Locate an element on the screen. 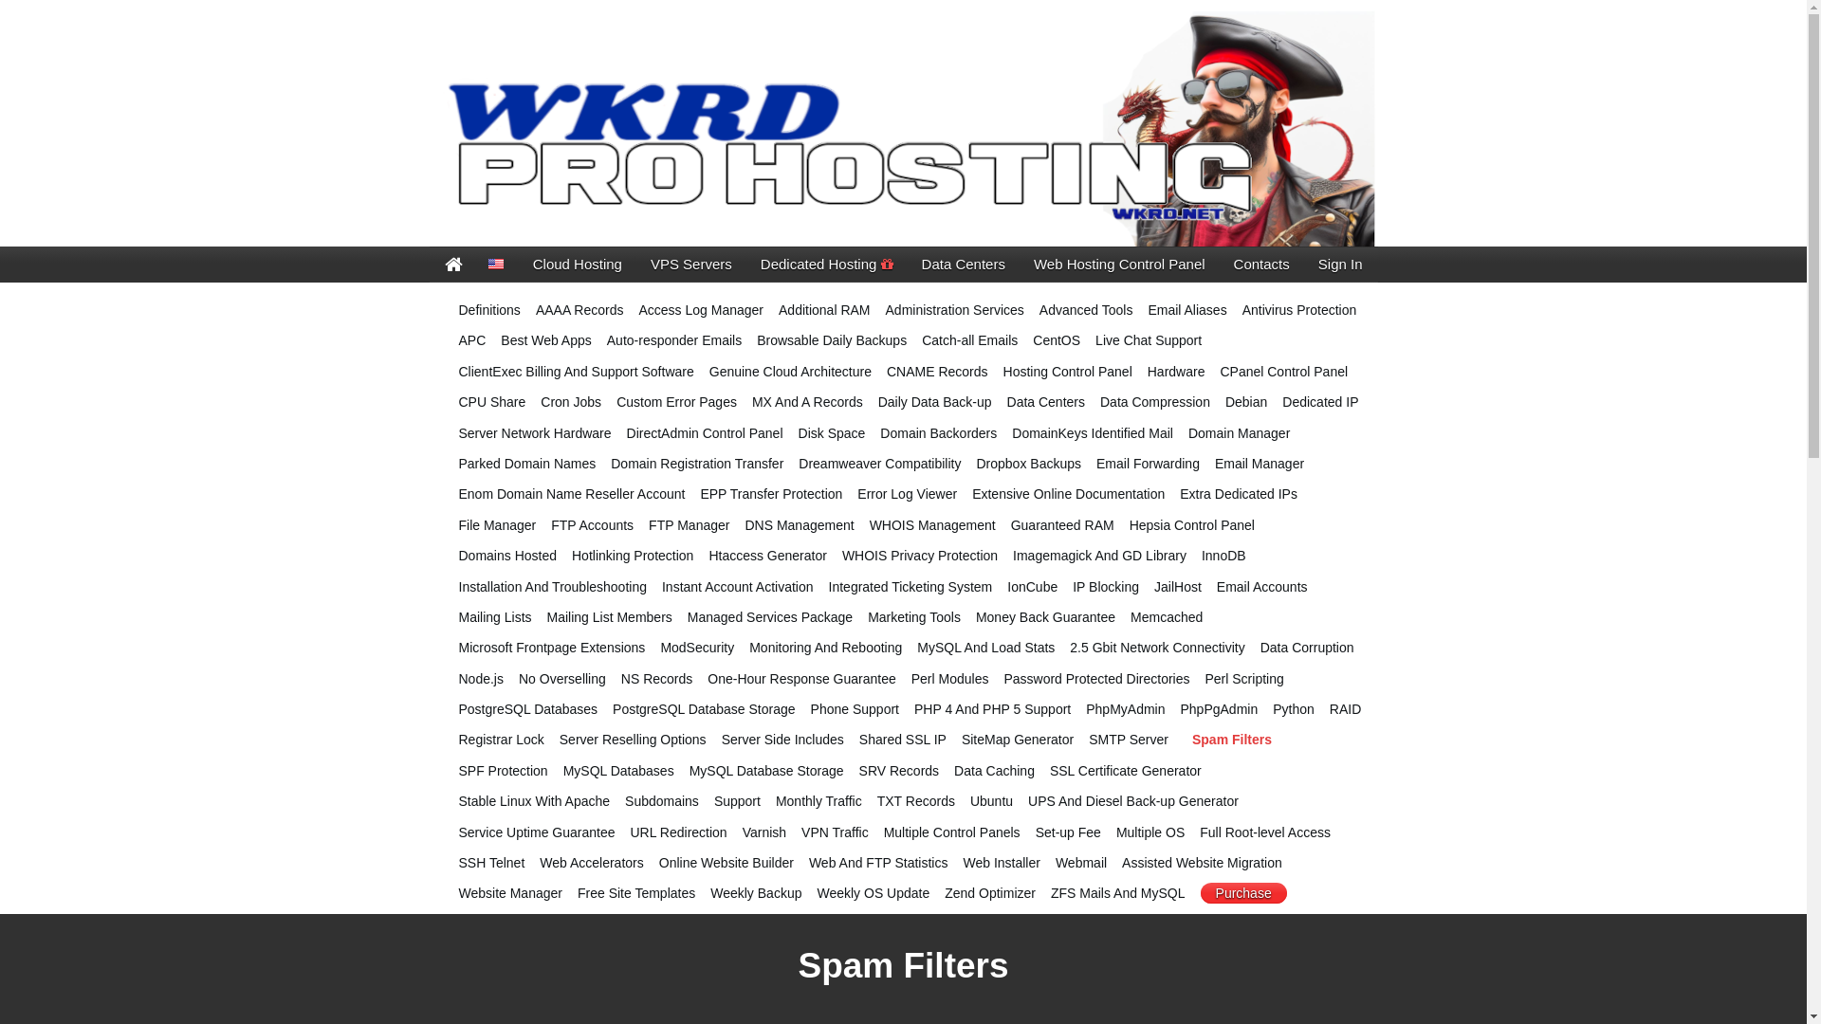  'Htaccess Generator' is located at coordinates (767, 555).